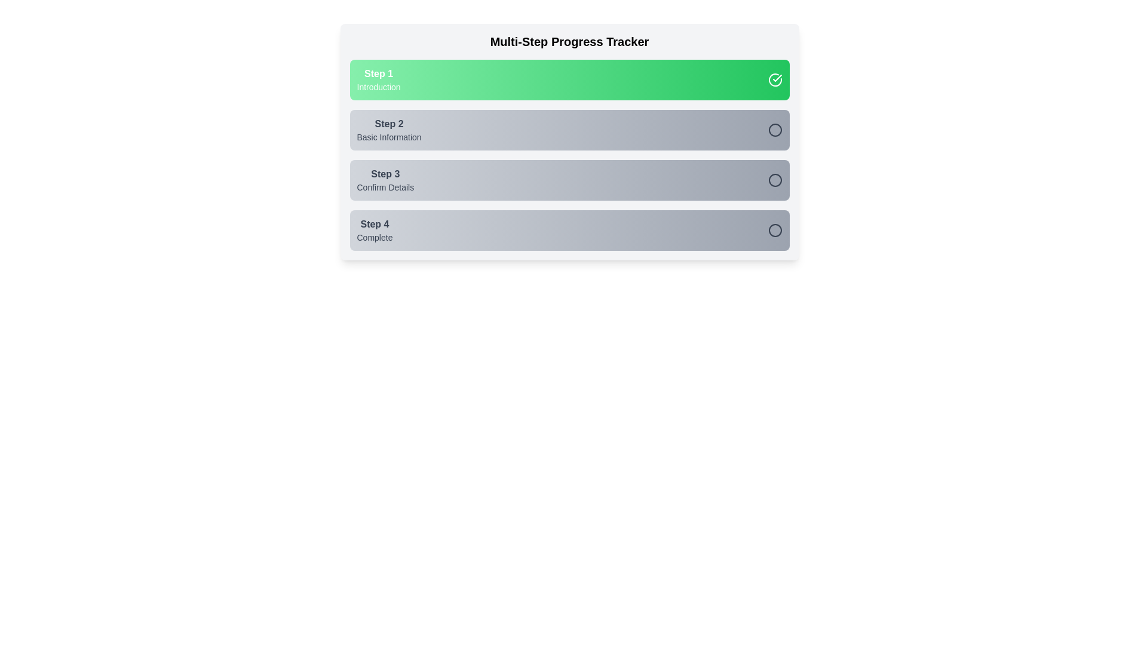 The image size is (1147, 645). Describe the element at coordinates (378, 80) in the screenshot. I see `the composite text label that serves as the first step in the progress tracker, which features a bold 'Step 1' title and a smaller 'Introduction' subtitle, both in white text on a green gradient background` at that location.